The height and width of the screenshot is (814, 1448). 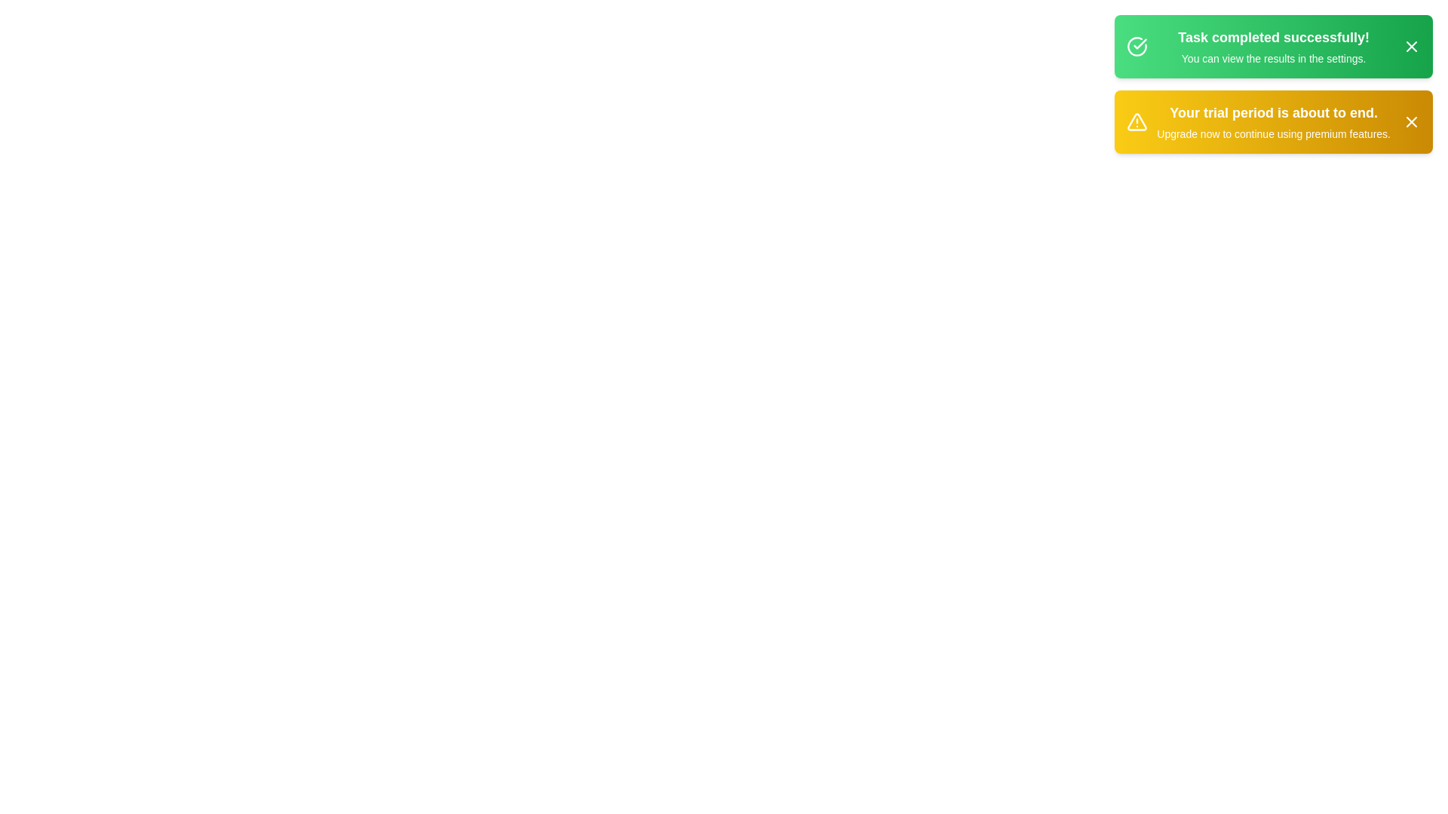 I want to click on the notification with ID success_notification to observe the hover effect, so click(x=1273, y=45).